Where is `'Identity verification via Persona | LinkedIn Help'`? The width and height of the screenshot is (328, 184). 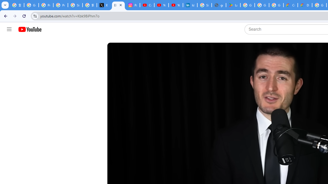
'Identity verification via Persona | LinkedIn Help' is located at coordinates (190, 5).